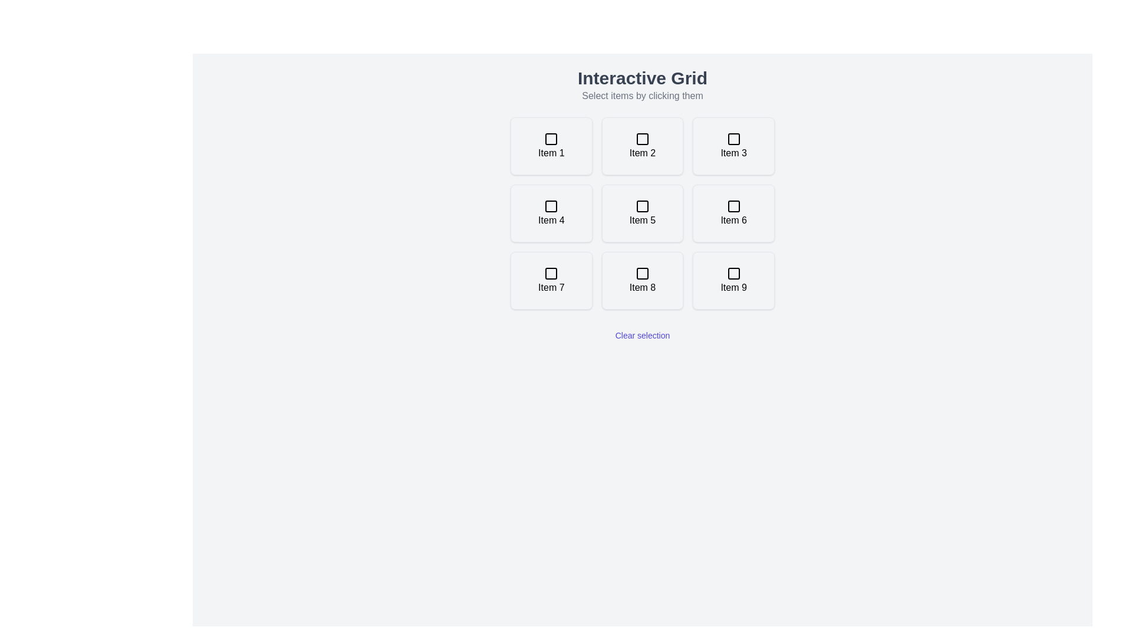  What do you see at coordinates (641, 336) in the screenshot?
I see `the text link located directly below the grid of selectable items` at bounding box center [641, 336].